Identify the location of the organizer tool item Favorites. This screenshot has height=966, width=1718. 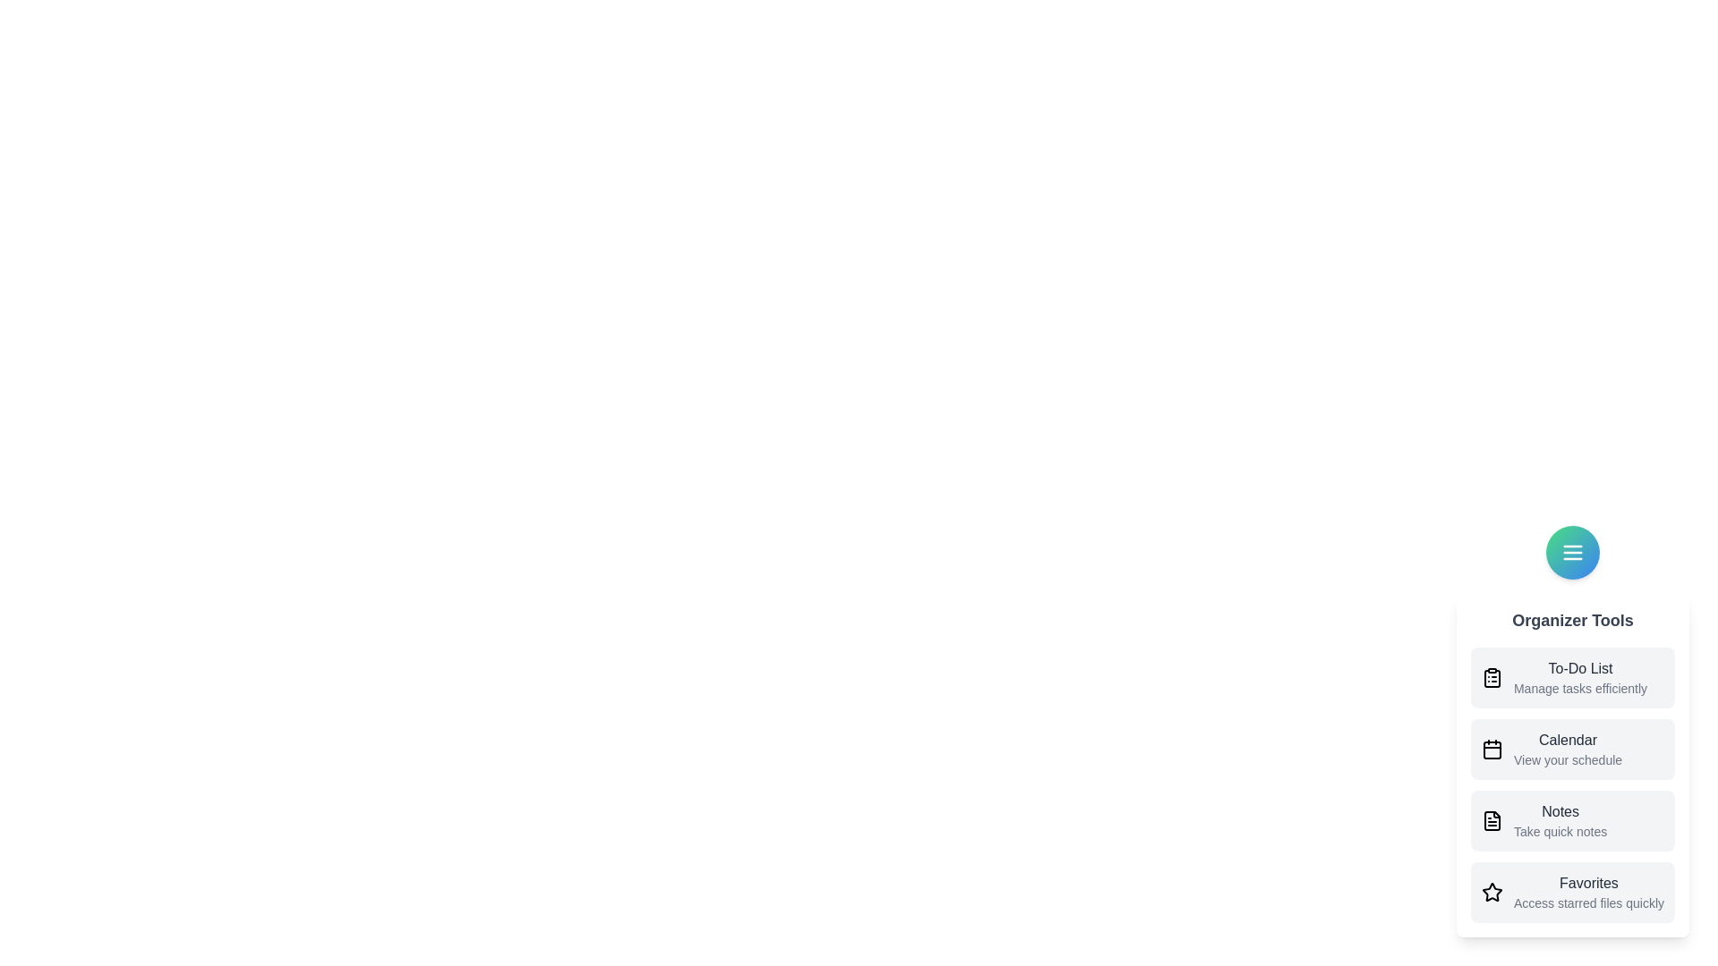
(1571, 893).